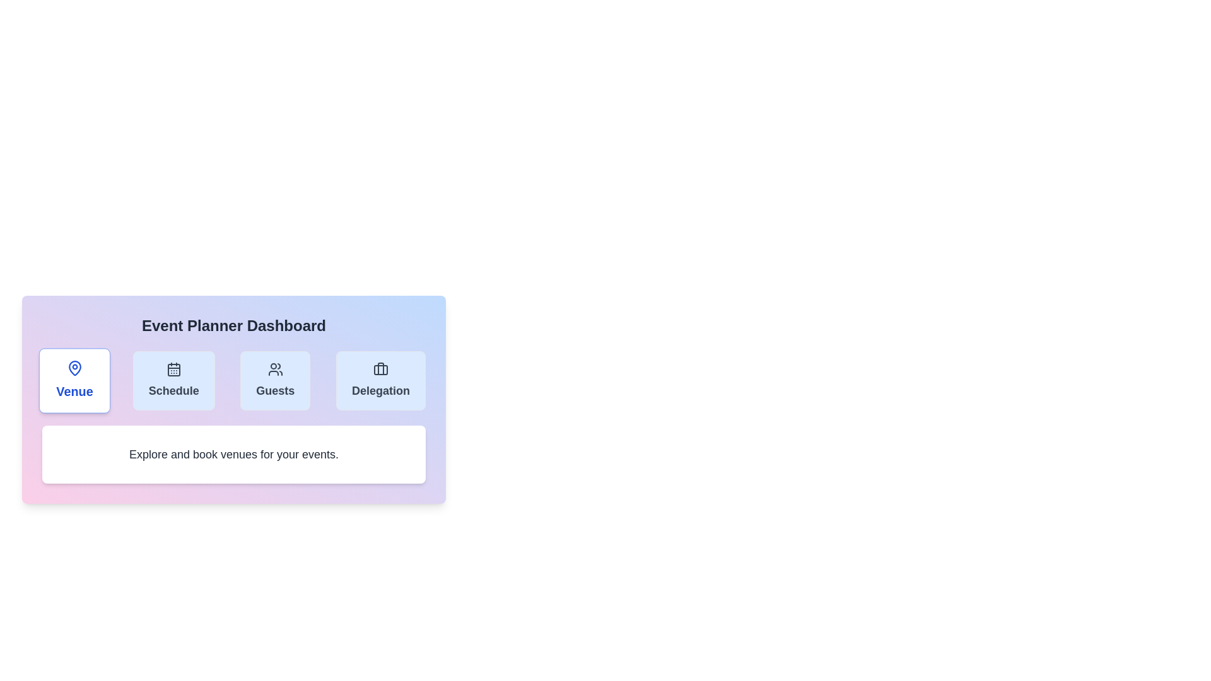  Describe the element at coordinates (74, 380) in the screenshot. I see `the tab labeled Venue` at that location.